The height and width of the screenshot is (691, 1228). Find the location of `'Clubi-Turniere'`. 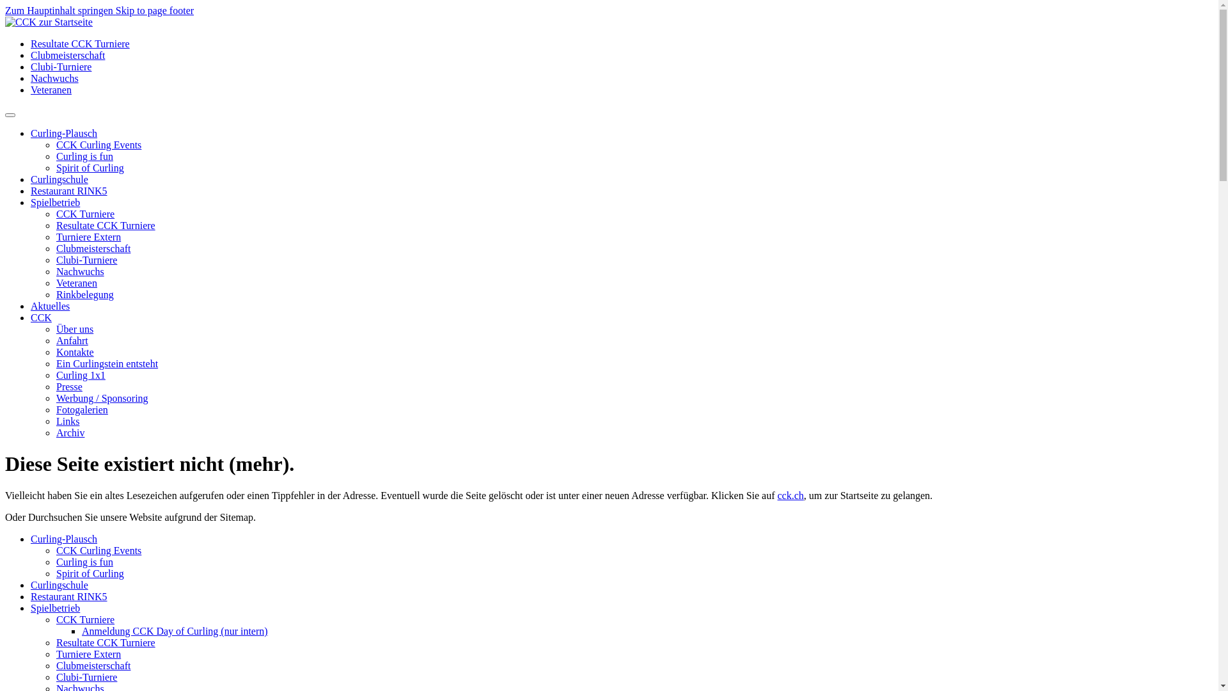

'Clubi-Turniere' is located at coordinates (60, 67).